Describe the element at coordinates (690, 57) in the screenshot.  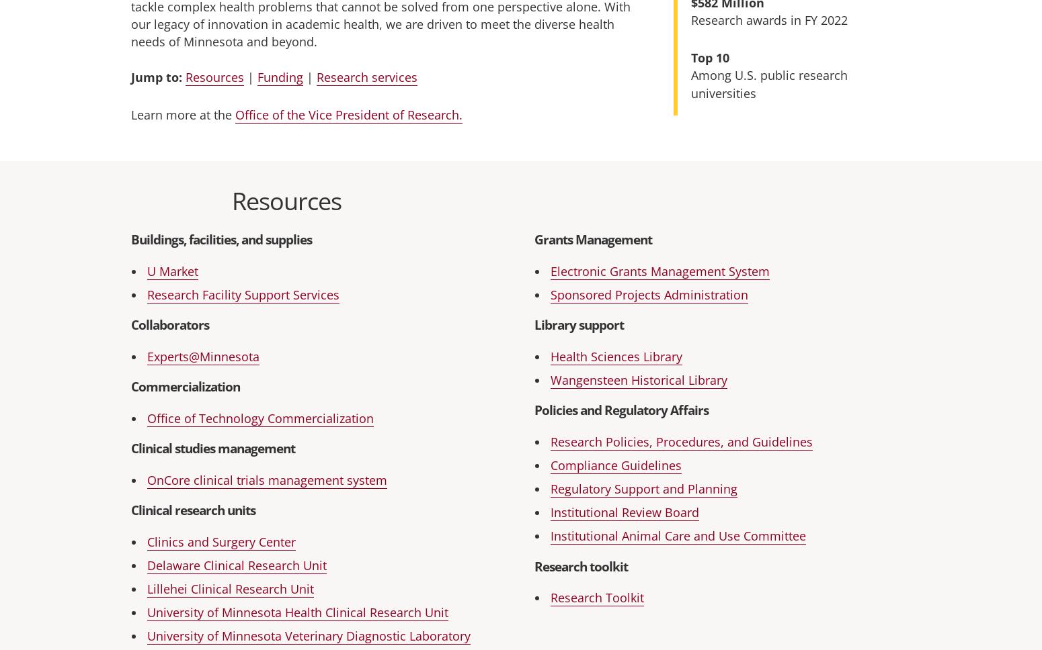
I see `'Top 10'` at that location.